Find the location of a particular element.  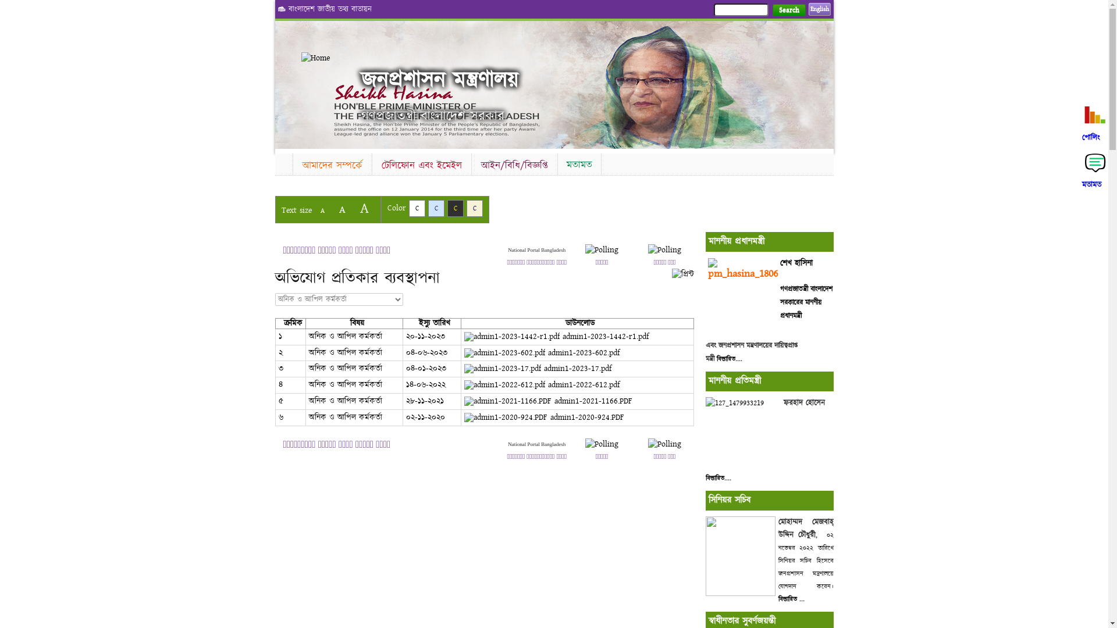

'admin1-2023-602.pdf' is located at coordinates (541, 352).